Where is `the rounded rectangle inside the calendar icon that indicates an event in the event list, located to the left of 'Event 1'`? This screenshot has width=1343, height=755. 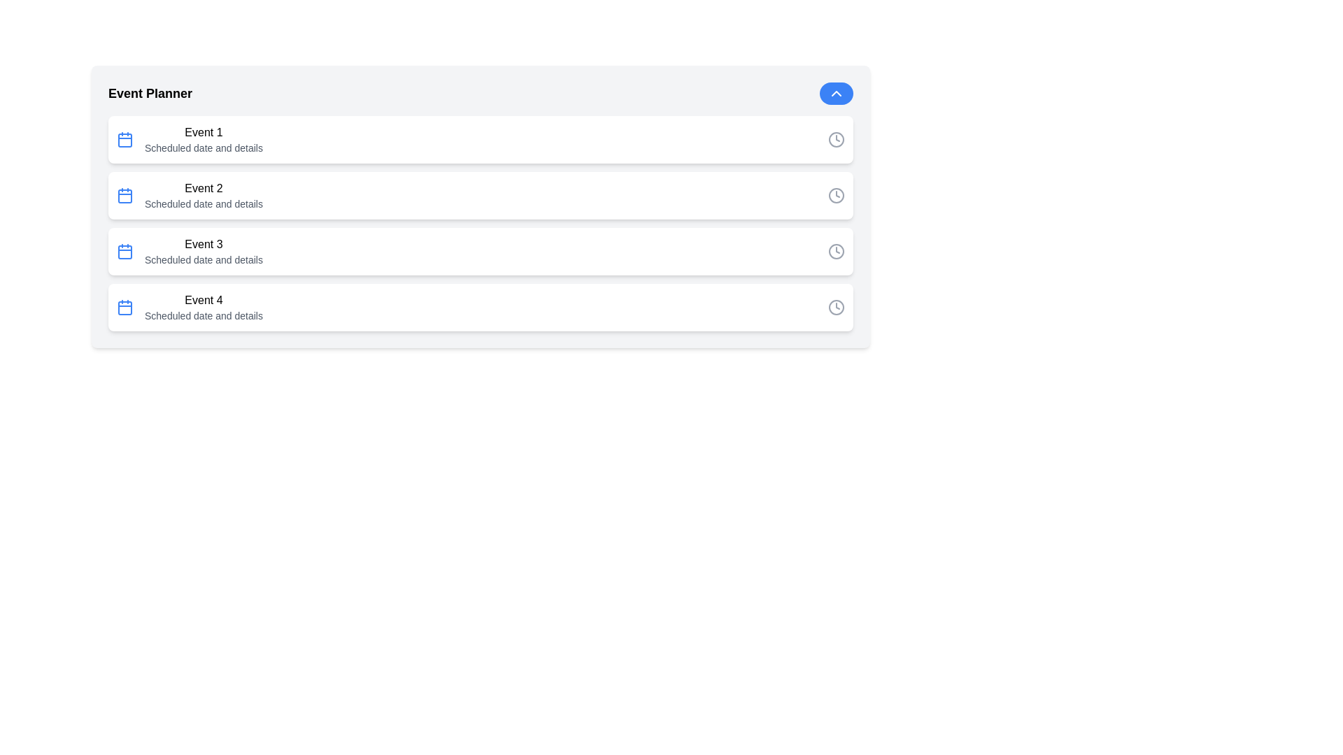 the rounded rectangle inside the calendar icon that indicates an event in the event list, located to the left of 'Event 1' is located at coordinates (125, 140).